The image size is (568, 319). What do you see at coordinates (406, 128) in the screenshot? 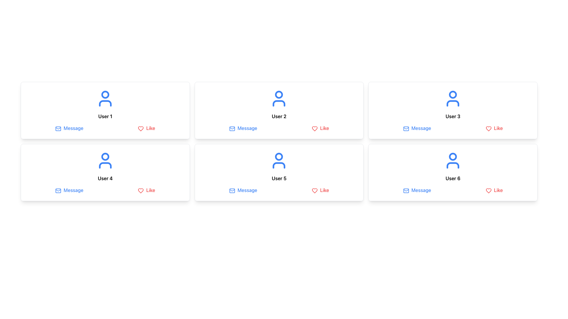
I see `the envelope icon located to the left of the 'Message' text in the button under the user card for 'User 3' in the third column of the top row` at bounding box center [406, 128].